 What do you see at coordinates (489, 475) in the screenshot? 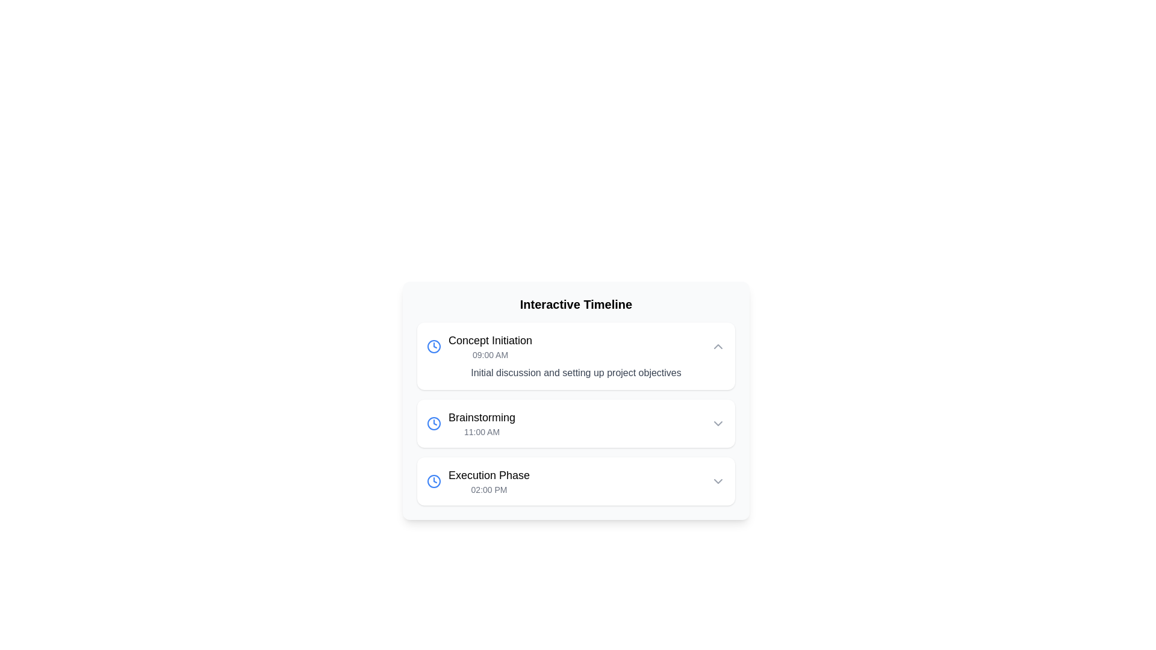
I see `the 'Execution Phase' text label, which is a bold header` at bounding box center [489, 475].